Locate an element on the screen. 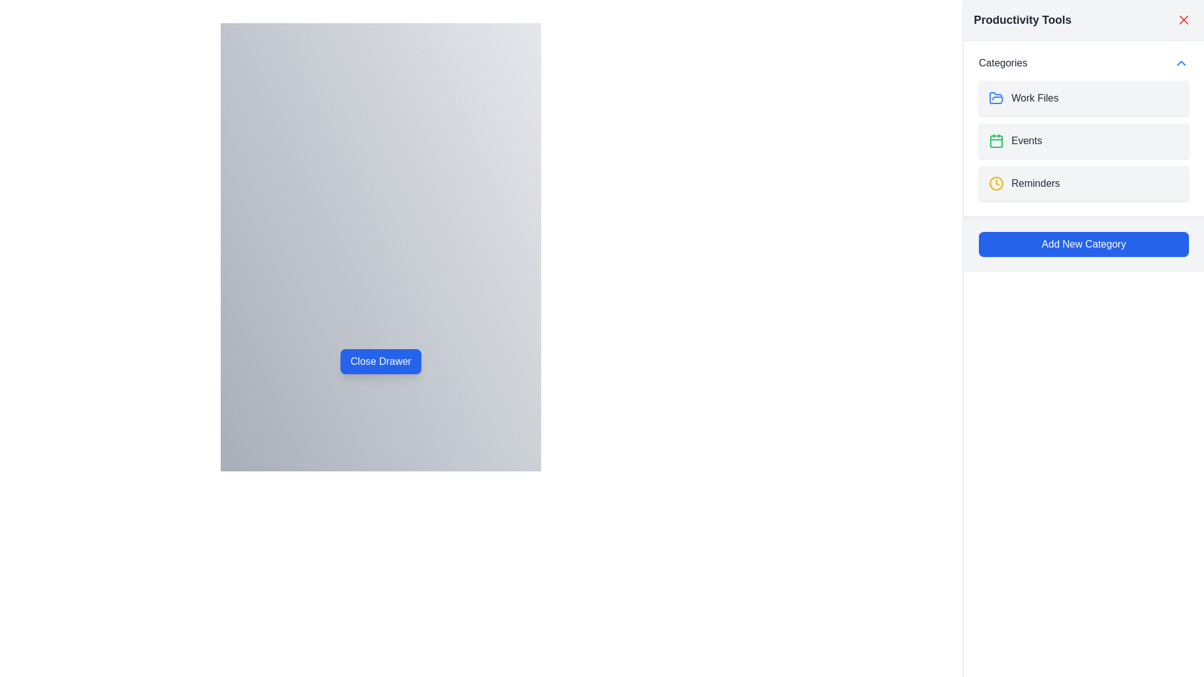 Image resolution: width=1204 pixels, height=677 pixels. the 'Categories' text label, which is a grayish dark title located at the top of the 'Categories' section, aligned to the left, and positioned below 'Productivity Tools' is located at coordinates (1002, 63).